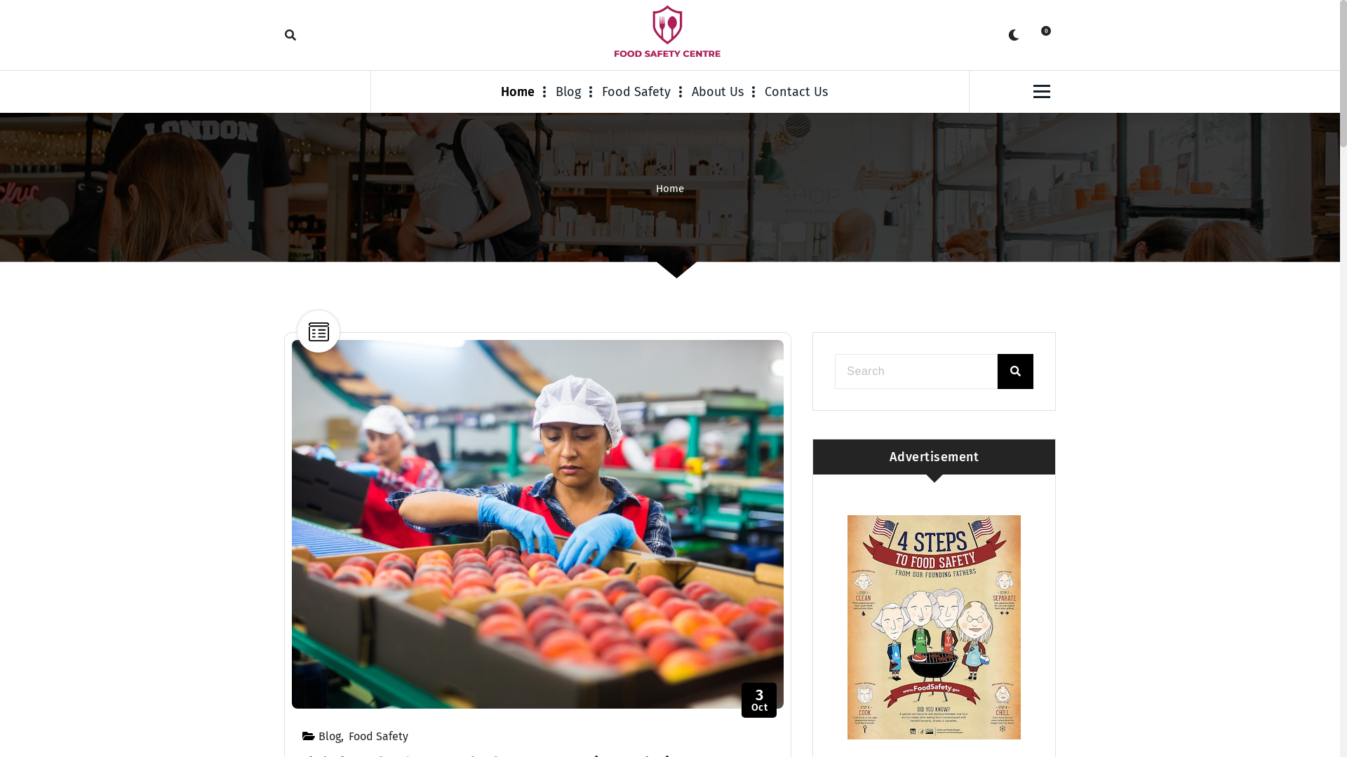 This screenshot has height=757, width=1347. I want to click on 'Contact Us', so click(796, 92).